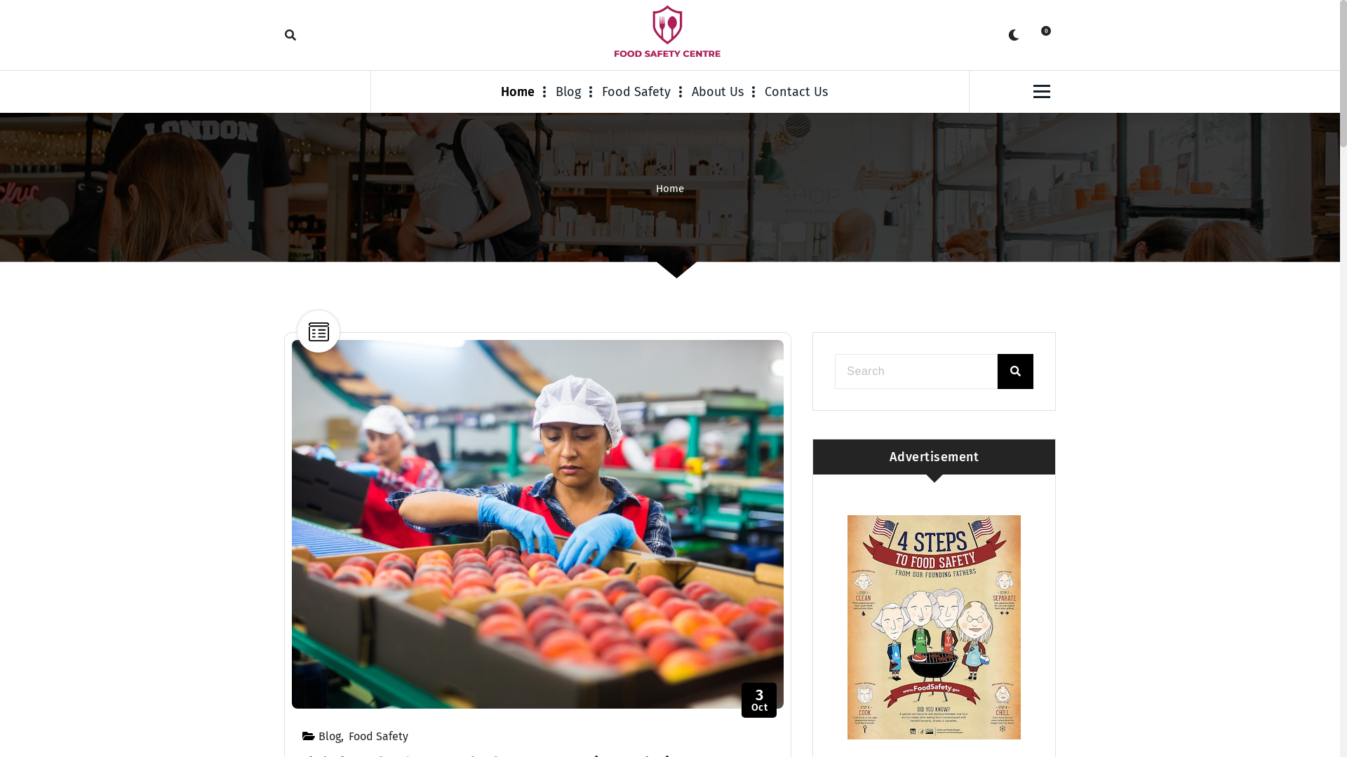 This screenshot has height=757, width=1347. I want to click on 'Contact Us', so click(796, 92).